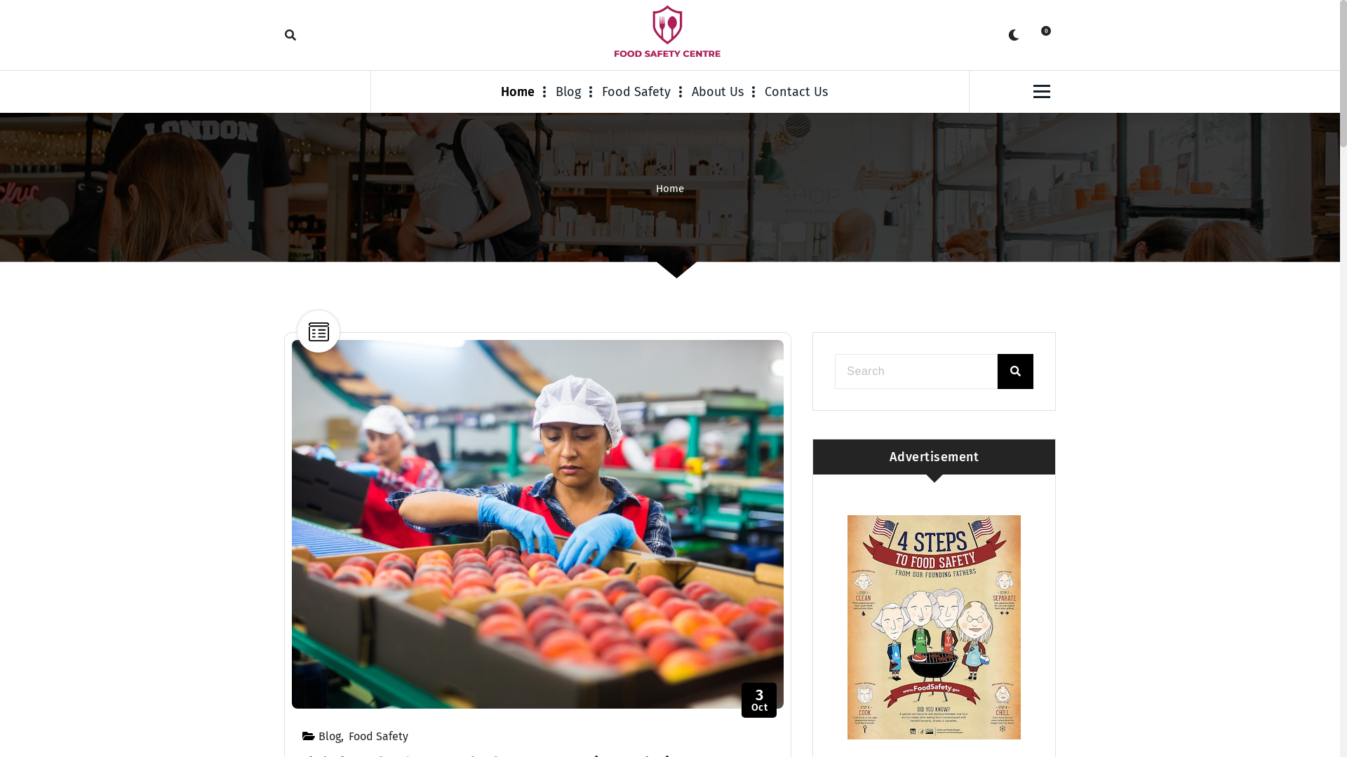 This screenshot has height=757, width=1347. I want to click on 'Contact Us', so click(796, 92).